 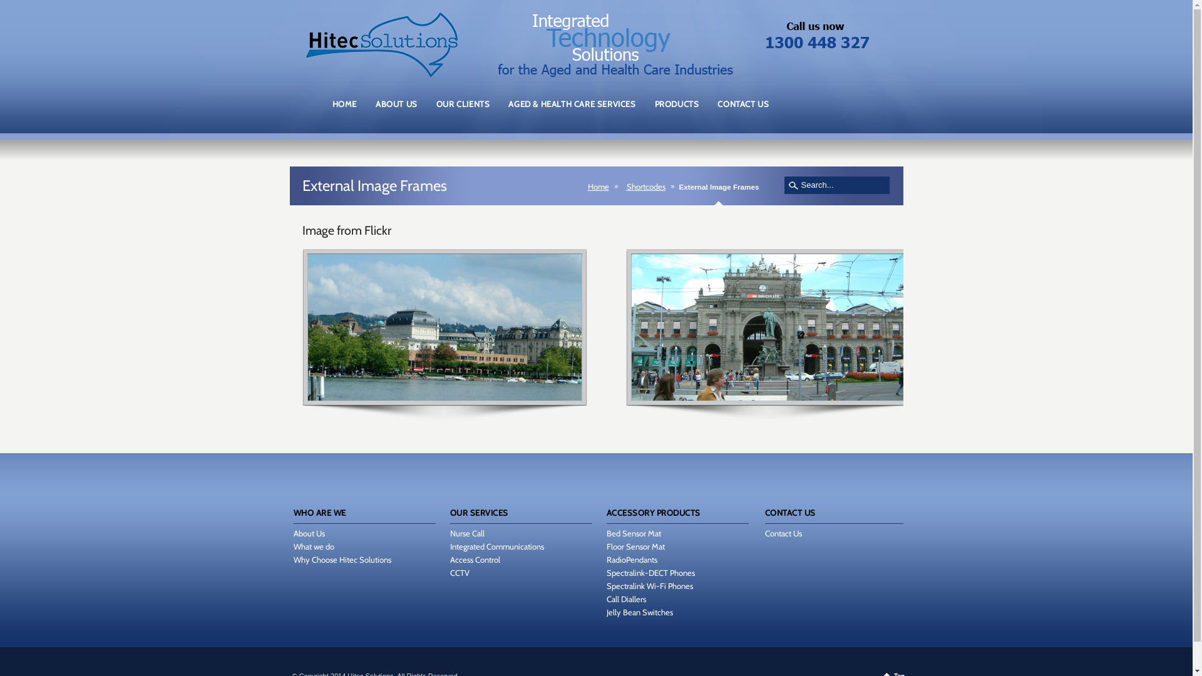 I want to click on 'Why Choose Hitec Solutions', so click(x=342, y=559).